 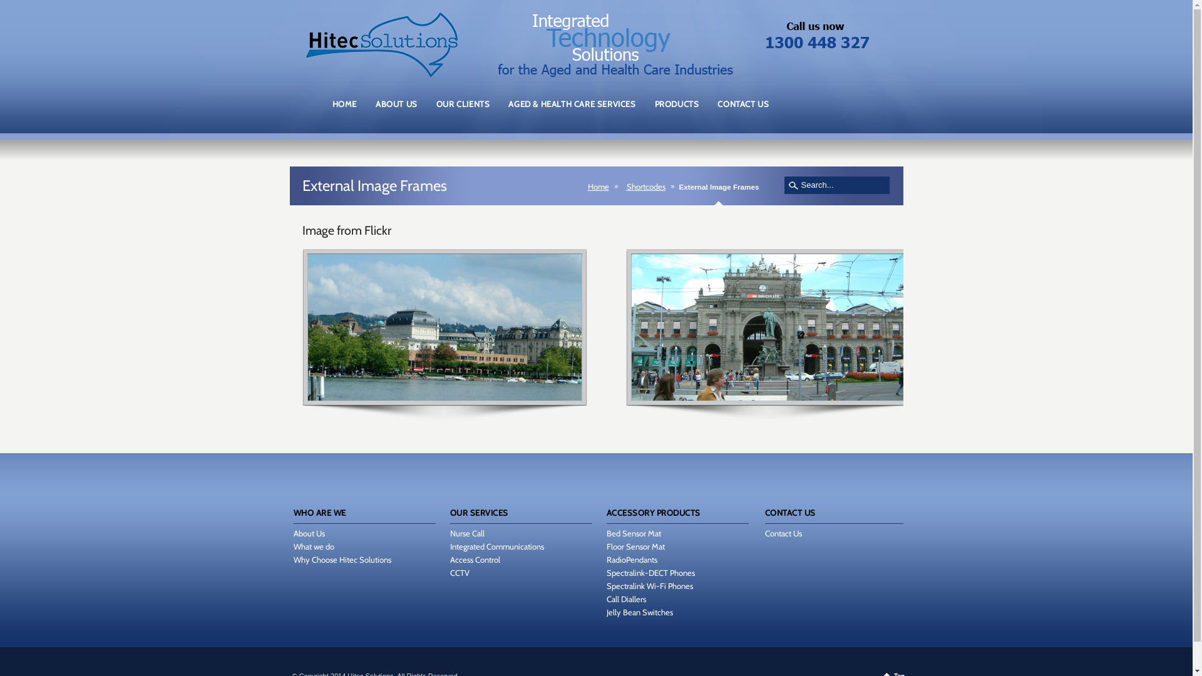 I want to click on 'Why Choose Hitec Solutions', so click(x=342, y=559).